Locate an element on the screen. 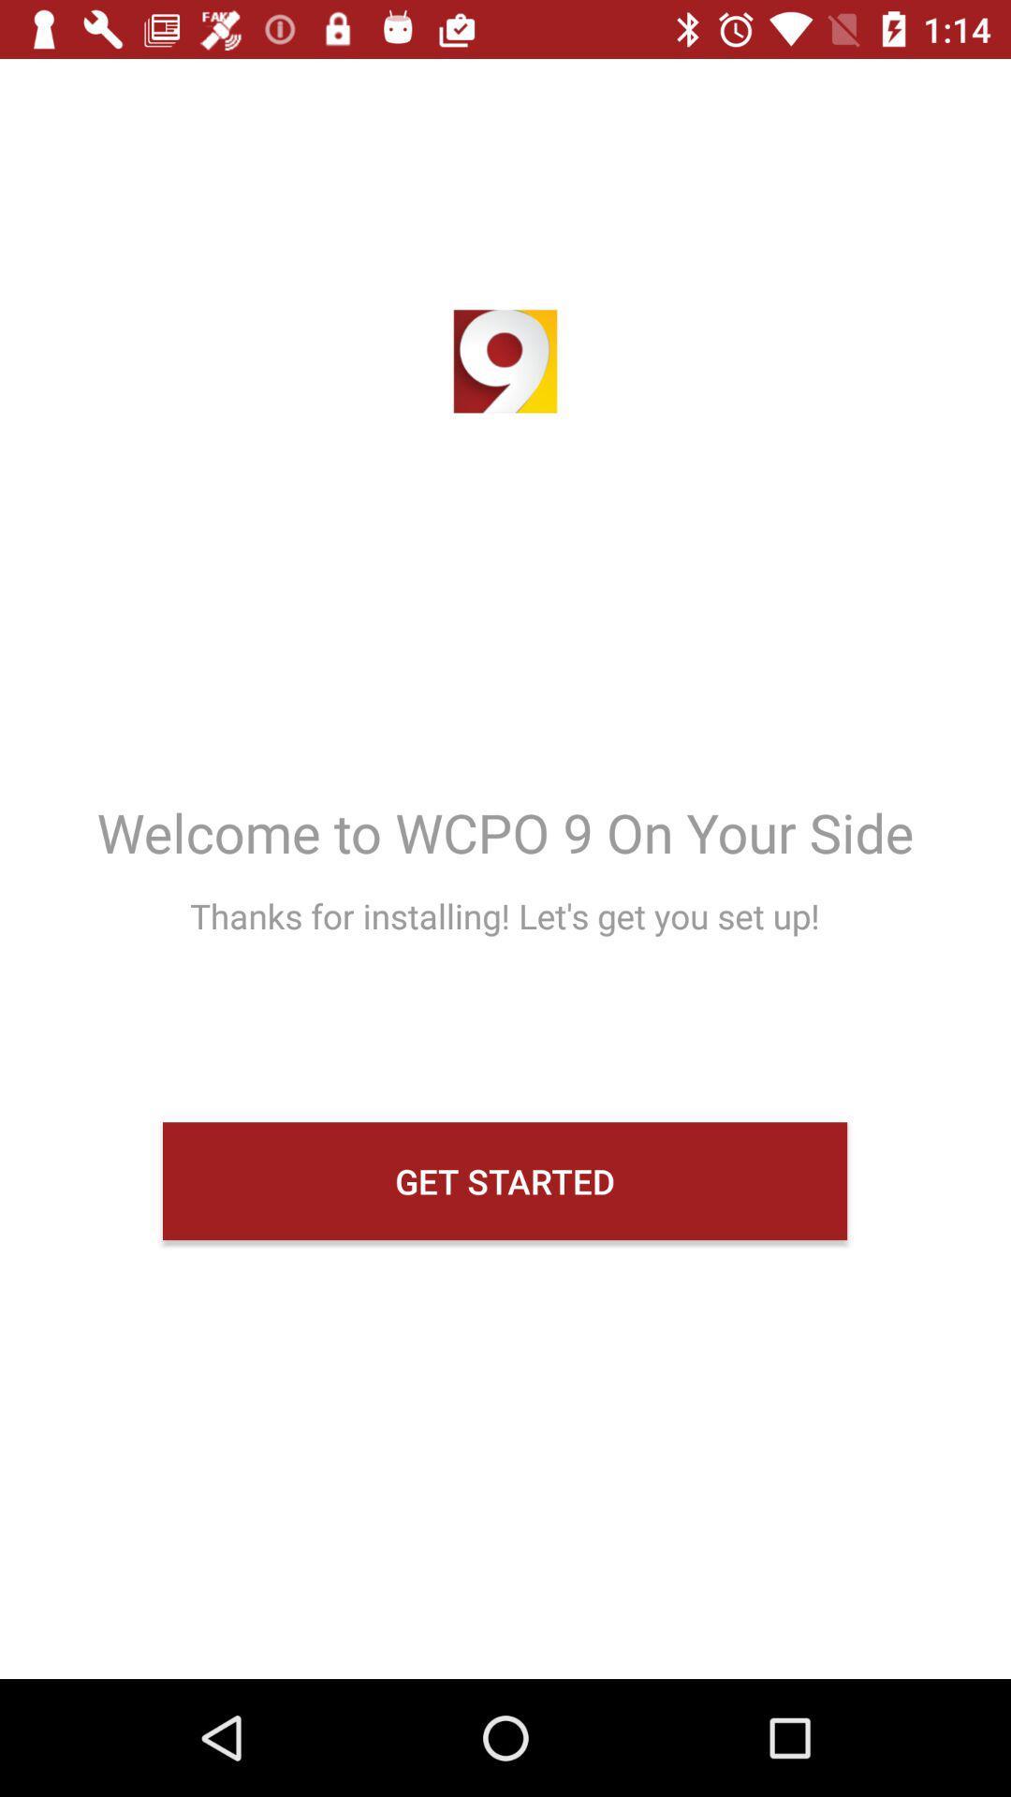  item below thanks for installing is located at coordinates (504, 1180).